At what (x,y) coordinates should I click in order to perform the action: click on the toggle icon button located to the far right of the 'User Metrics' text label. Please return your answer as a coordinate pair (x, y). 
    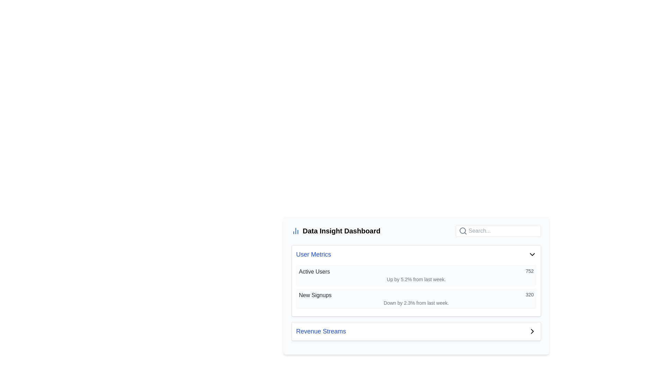
    Looking at the image, I should click on (532, 255).